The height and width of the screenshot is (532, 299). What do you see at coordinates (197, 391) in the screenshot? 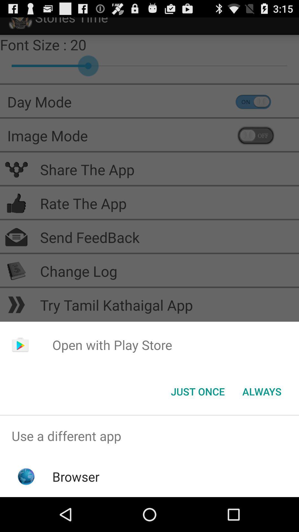
I see `item next to always button` at bounding box center [197, 391].